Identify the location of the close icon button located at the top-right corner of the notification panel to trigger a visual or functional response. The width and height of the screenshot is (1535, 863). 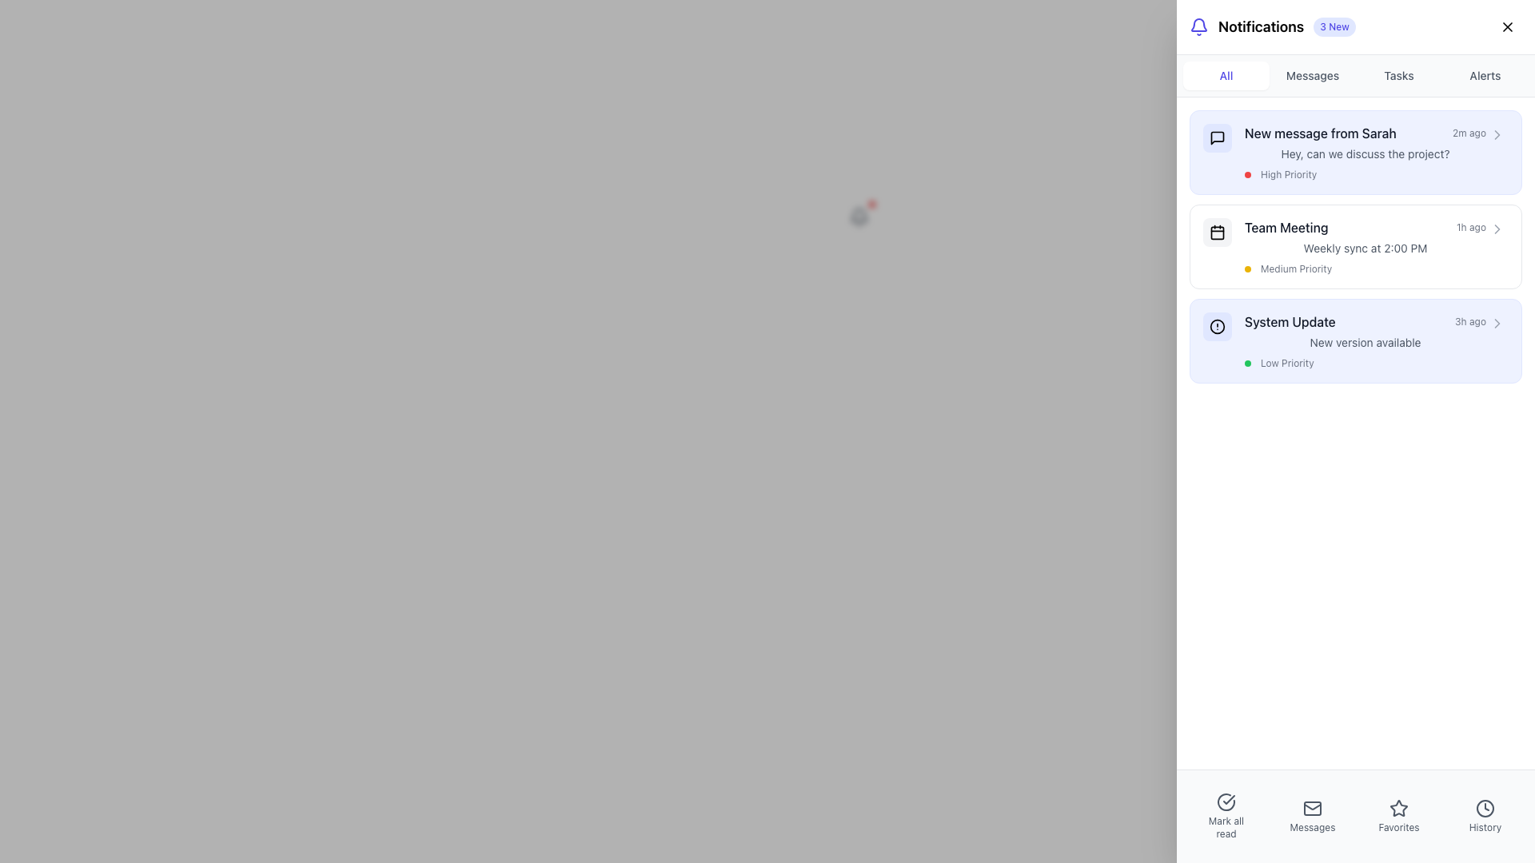
(1507, 27).